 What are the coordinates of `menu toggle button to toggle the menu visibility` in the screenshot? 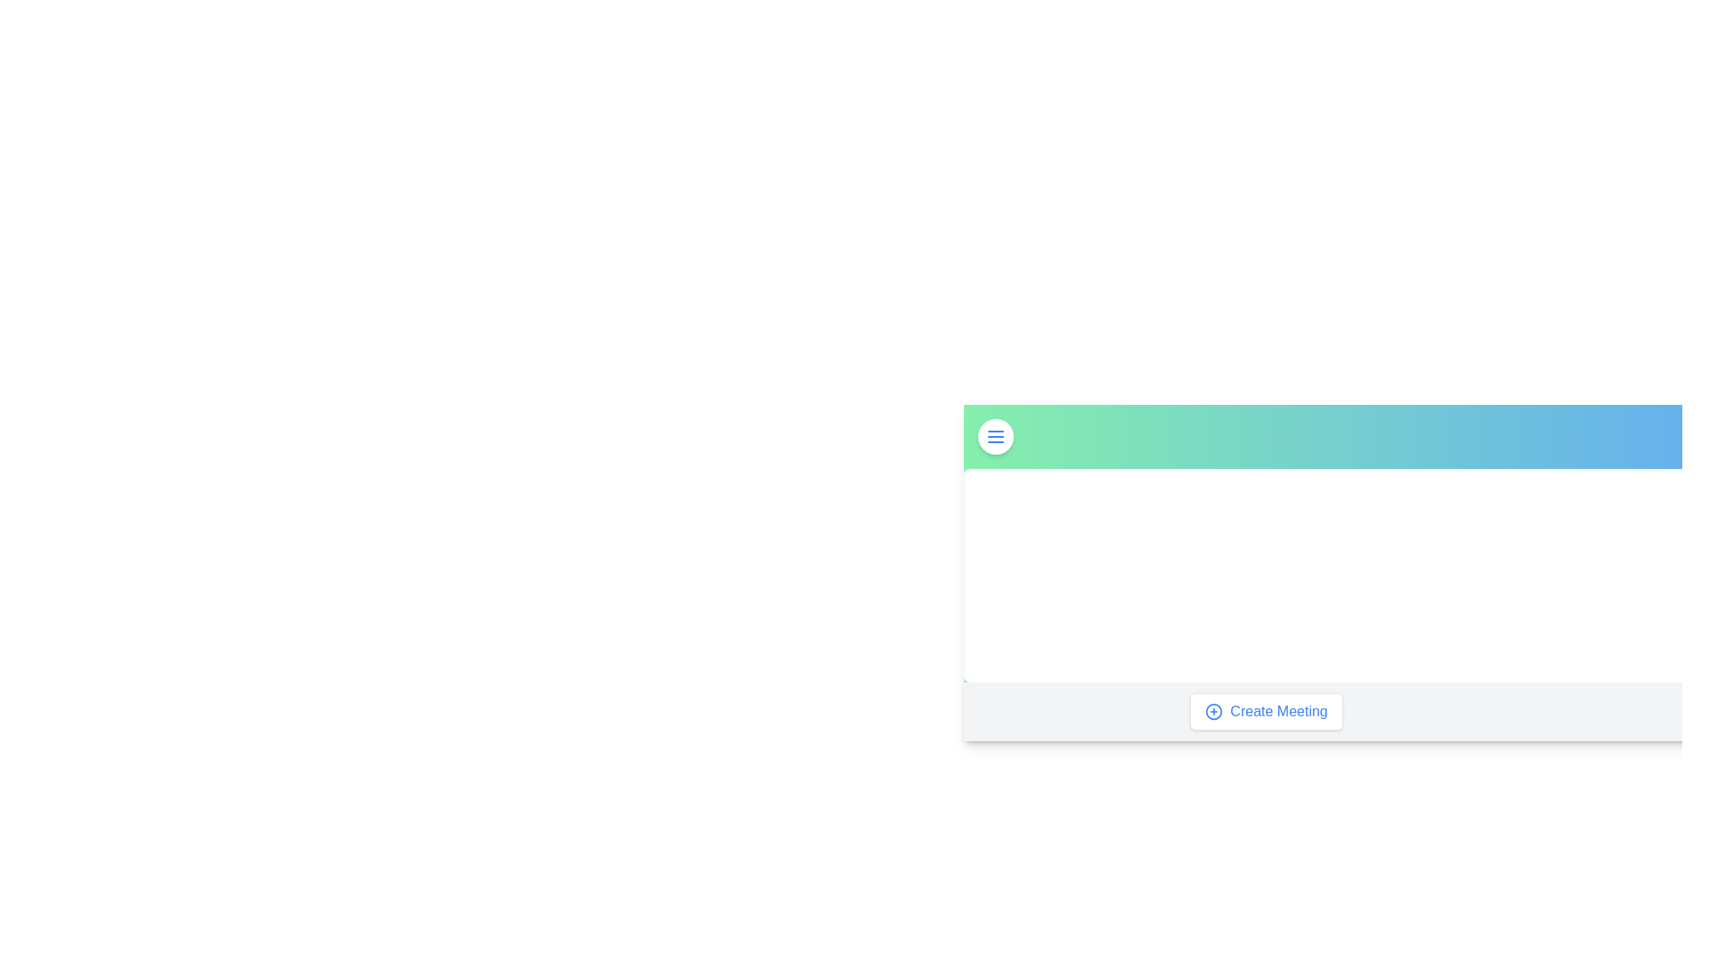 It's located at (994, 436).